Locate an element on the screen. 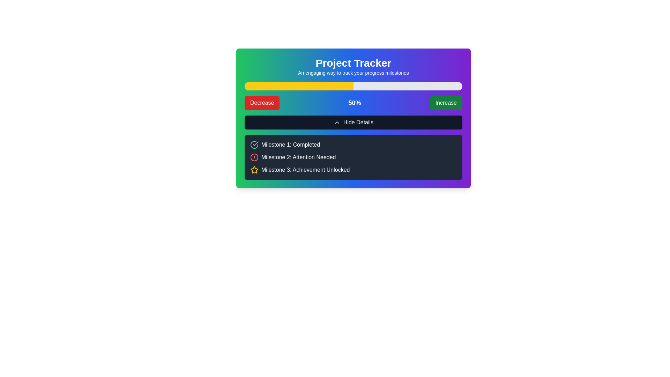  the star-shaped SVG icon with a yellow outline located next to 'Milestone 3: Achievement Unlocked' in the third row of milestones is located at coordinates (254, 170).